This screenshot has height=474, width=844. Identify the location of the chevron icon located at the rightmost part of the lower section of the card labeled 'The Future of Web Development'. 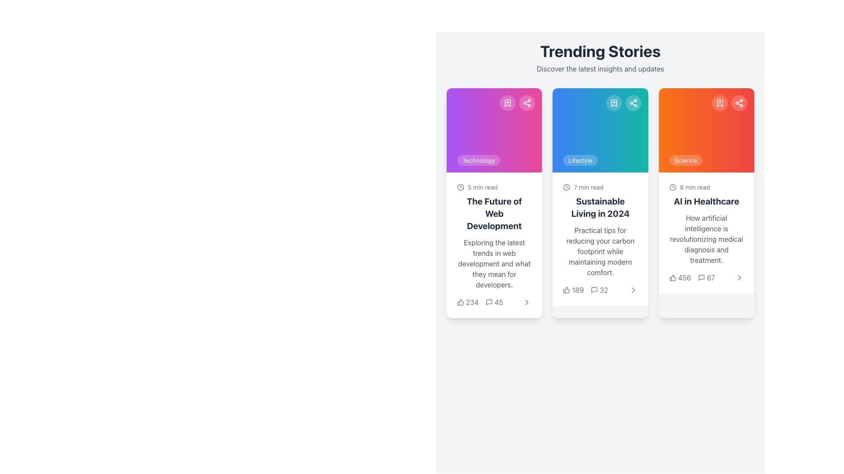
(527, 302).